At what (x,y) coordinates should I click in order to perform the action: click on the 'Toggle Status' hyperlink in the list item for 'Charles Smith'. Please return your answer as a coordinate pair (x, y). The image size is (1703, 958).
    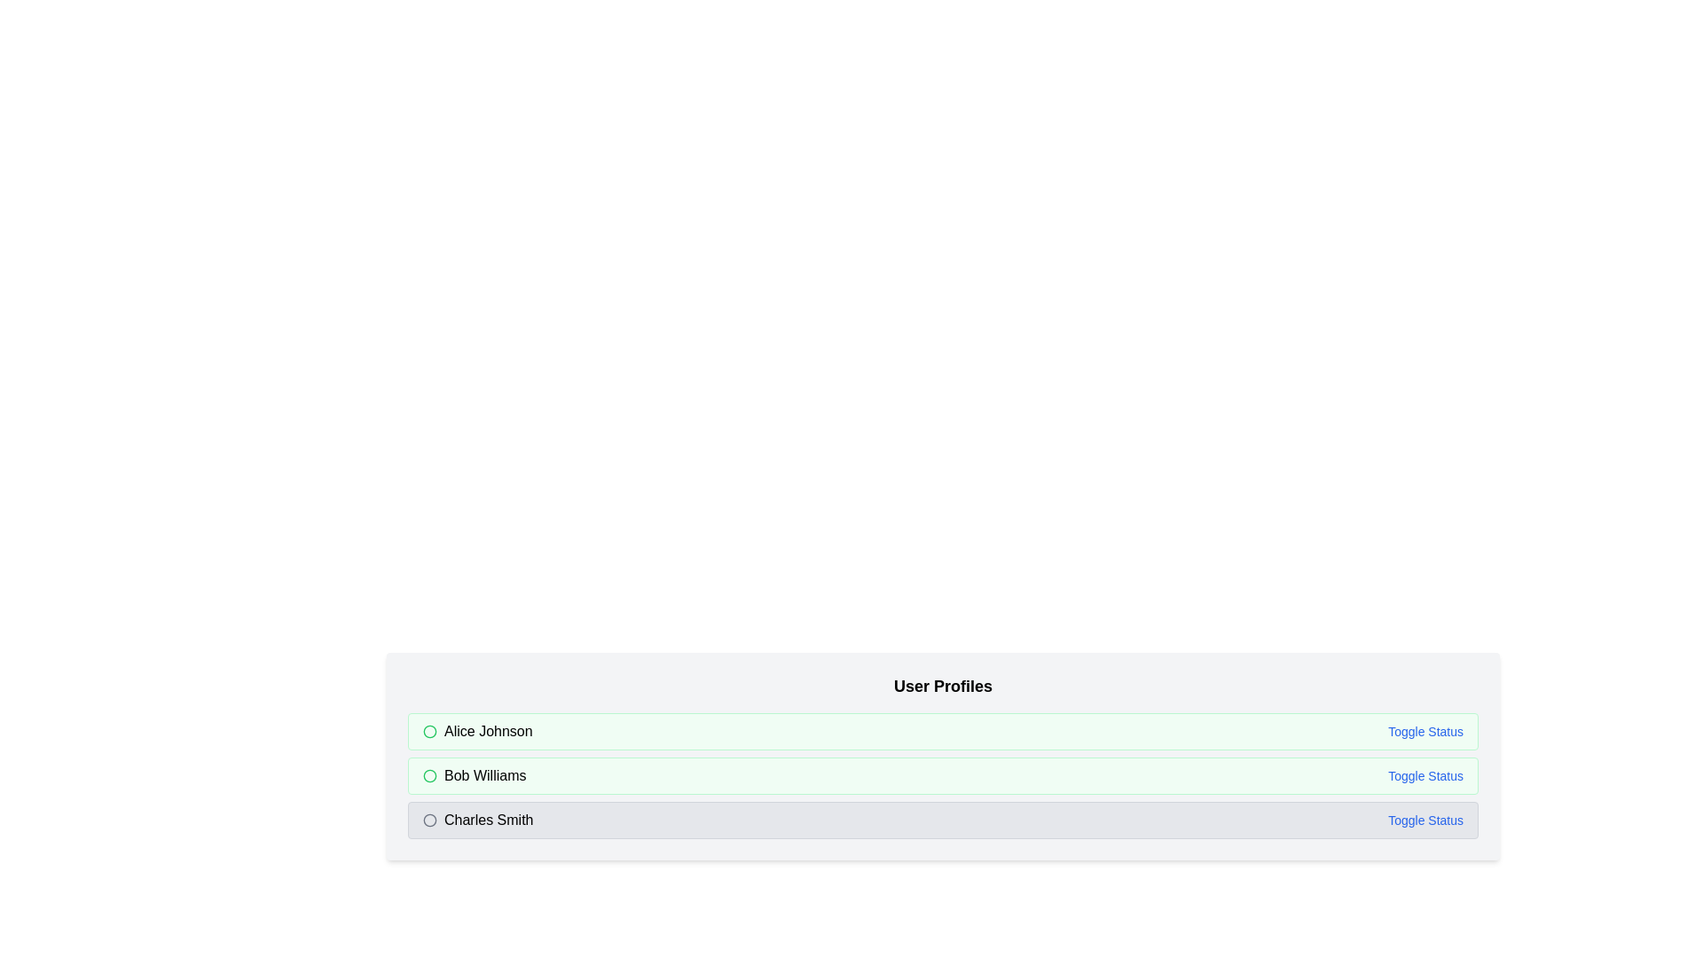
    Looking at the image, I should click on (942, 821).